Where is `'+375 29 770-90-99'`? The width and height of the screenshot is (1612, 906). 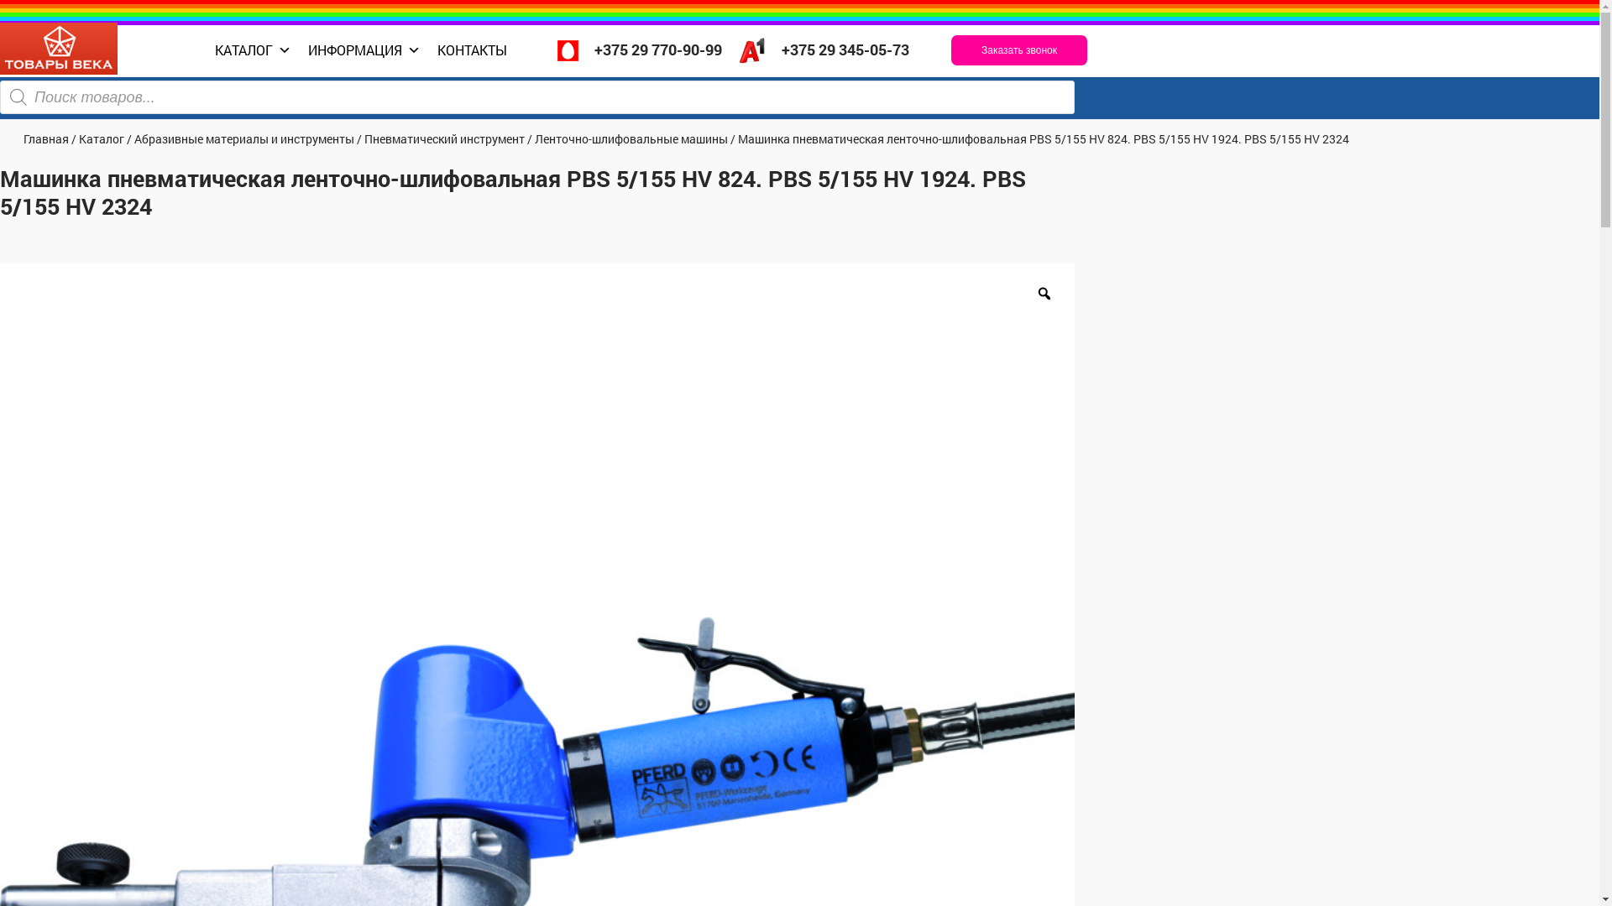 '+375 29 770-90-99' is located at coordinates (557, 49).